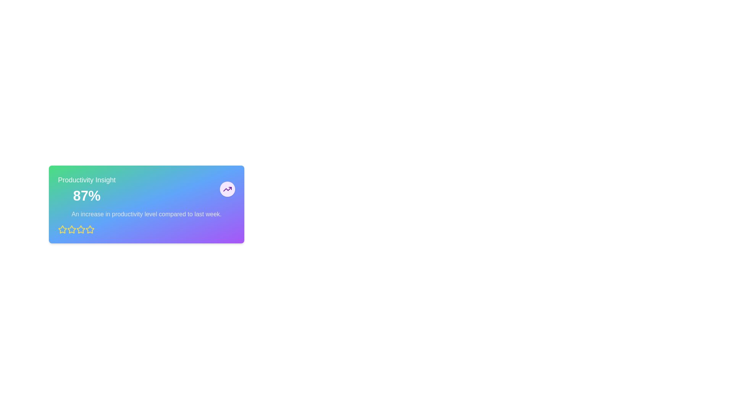 The height and width of the screenshot is (412, 733). What do you see at coordinates (87, 180) in the screenshot?
I see `upper text field within the card that contextualizes the subsequent percentage and explanatory text` at bounding box center [87, 180].